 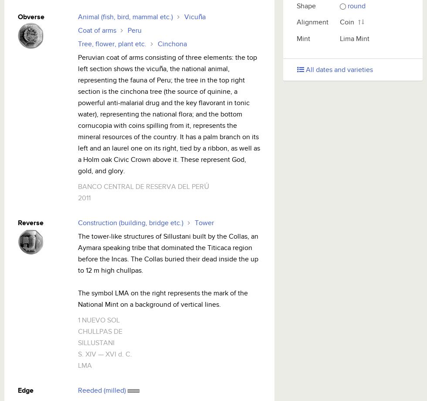 What do you see at coordinates (356, 6) in the screenshot?
I see `'round'` at bounding box center [356, 6].